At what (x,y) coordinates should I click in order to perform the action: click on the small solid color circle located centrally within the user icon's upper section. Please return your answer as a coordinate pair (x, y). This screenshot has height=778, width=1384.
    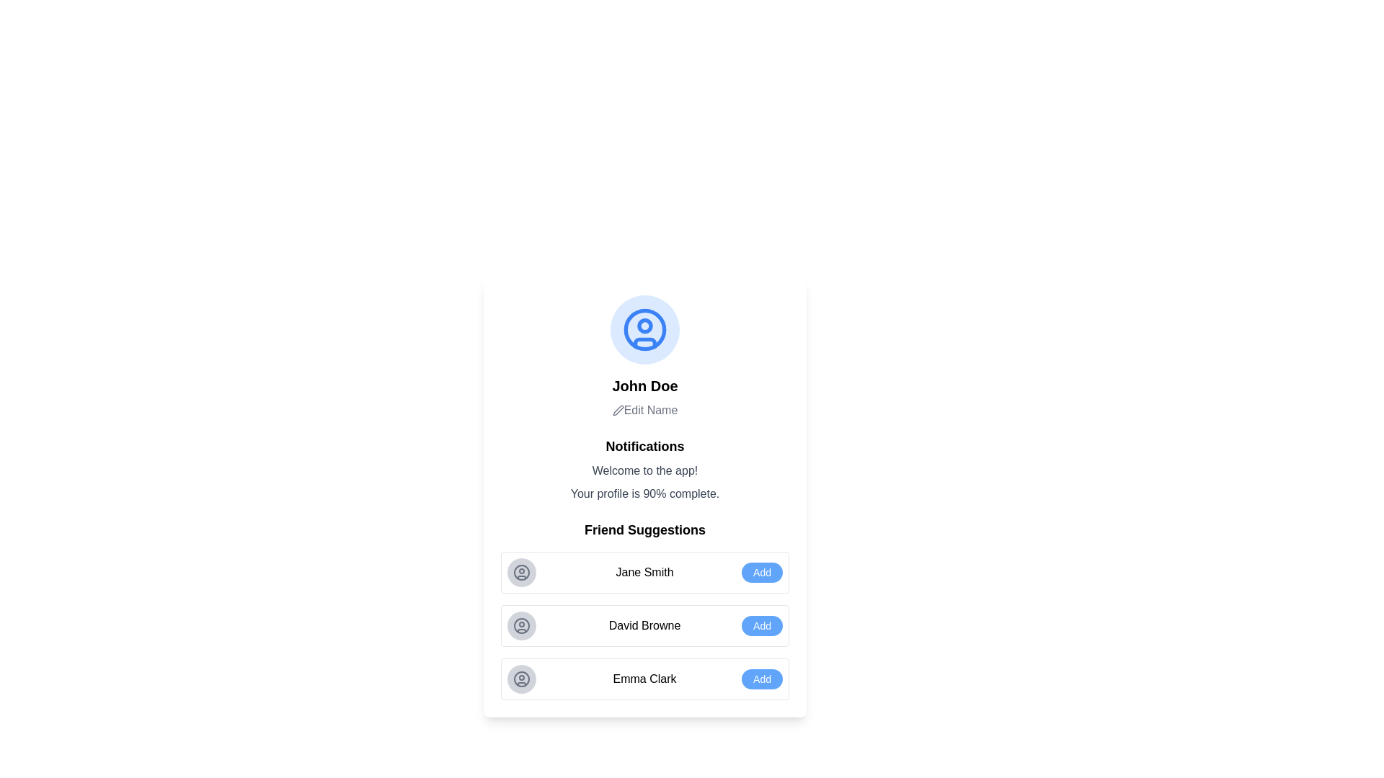
    Looking at the image, I should click on (644, 325).